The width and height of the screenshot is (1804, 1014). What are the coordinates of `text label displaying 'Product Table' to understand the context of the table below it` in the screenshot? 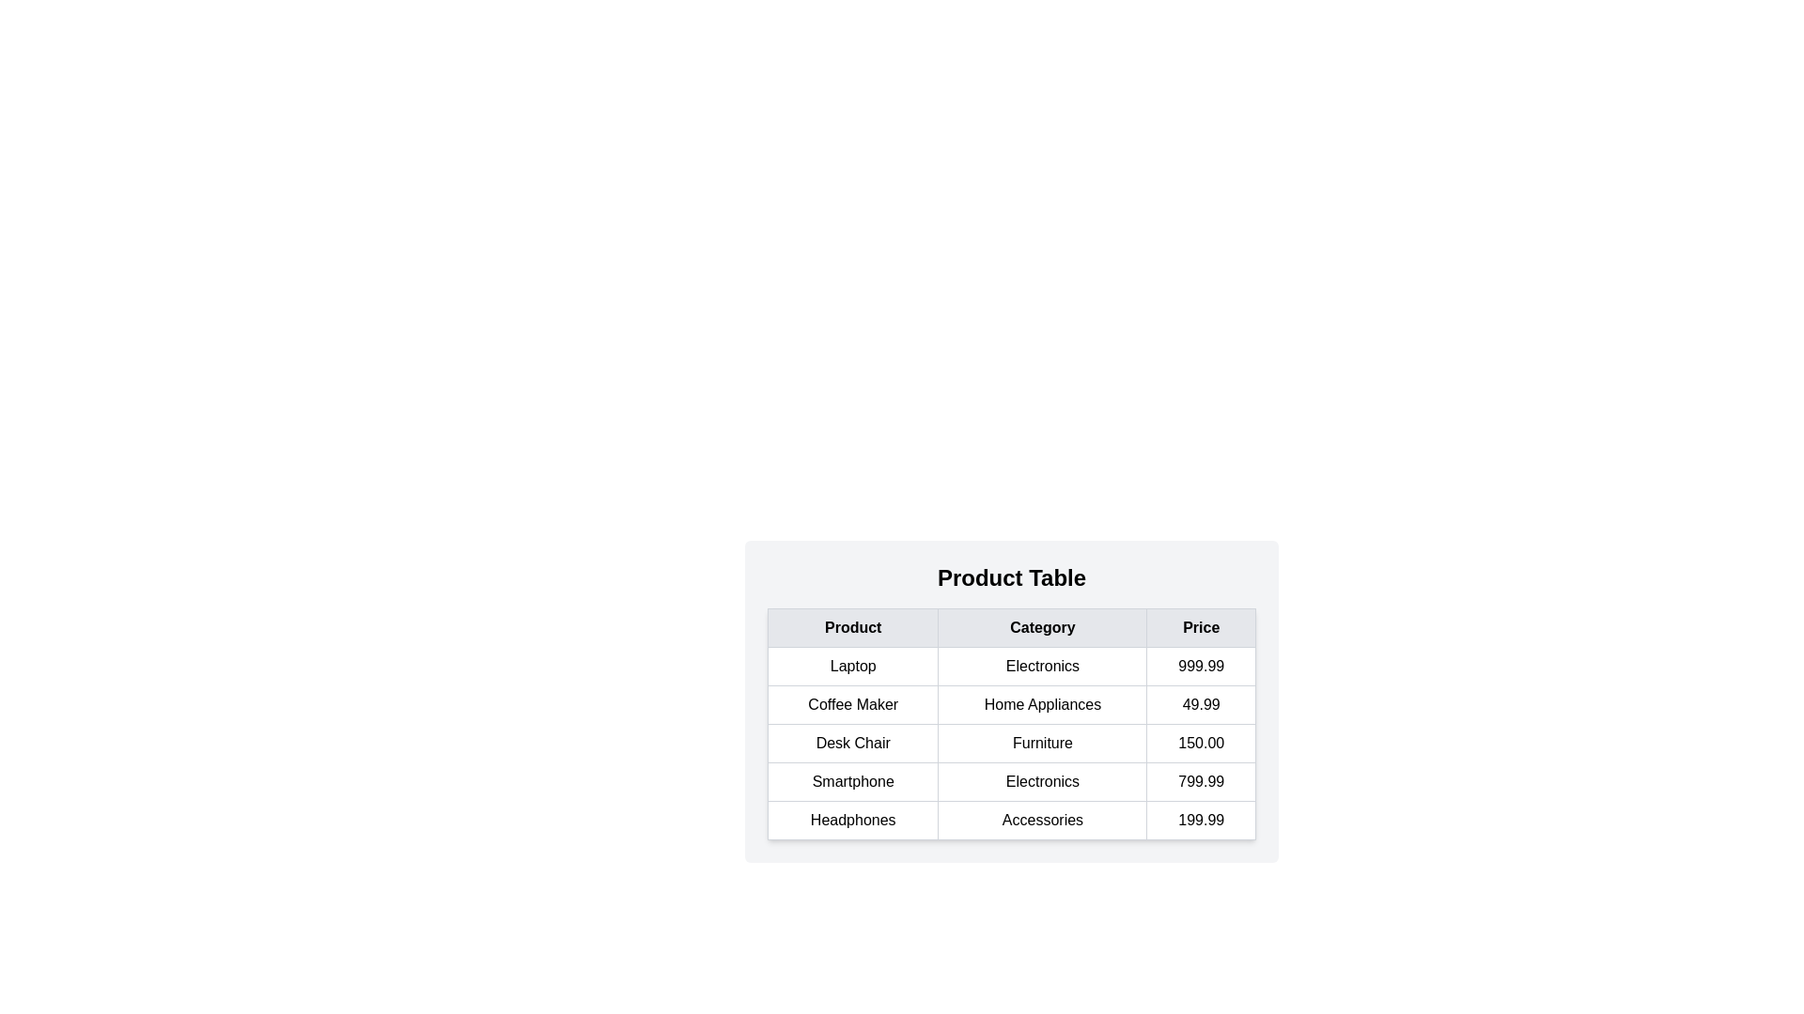 It's located at (1010, 577).